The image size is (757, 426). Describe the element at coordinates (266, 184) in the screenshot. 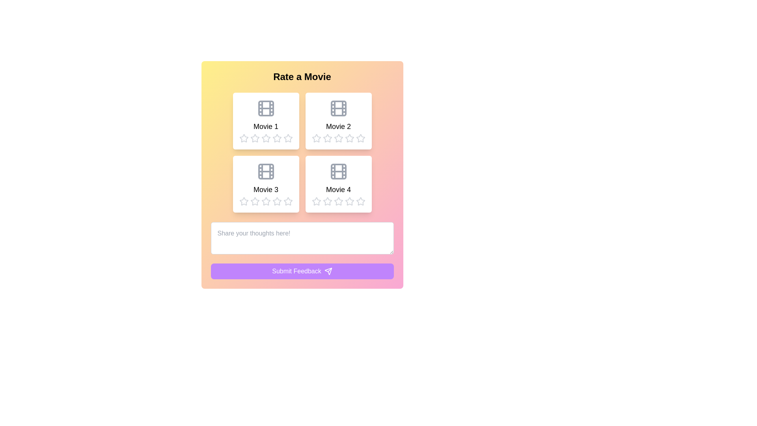

I see `the movie card titled 'Movie 3' located in the bottom-left corner of the grid` at that location.